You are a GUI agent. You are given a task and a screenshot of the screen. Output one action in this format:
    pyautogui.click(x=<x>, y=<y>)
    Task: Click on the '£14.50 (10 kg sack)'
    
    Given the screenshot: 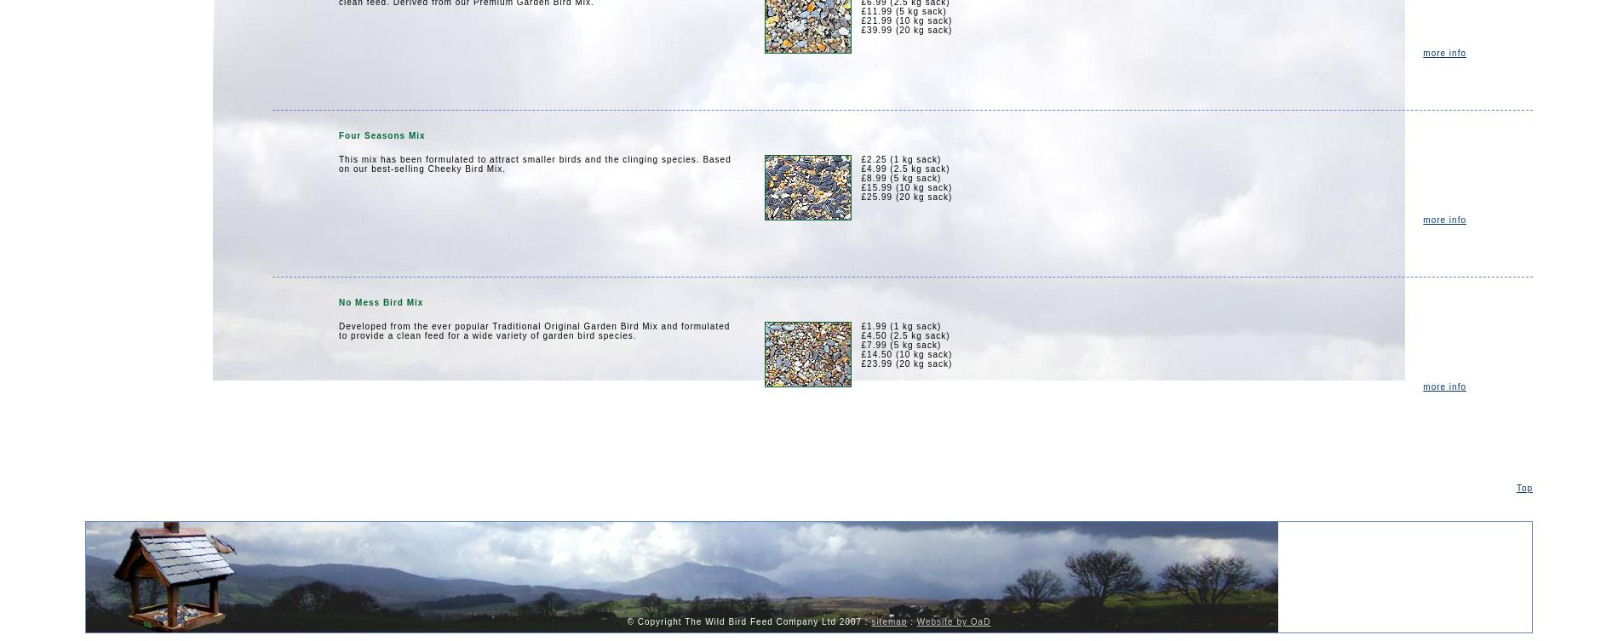 What is the action you would take?
    pyautogui.click(x=906, y=353)
    